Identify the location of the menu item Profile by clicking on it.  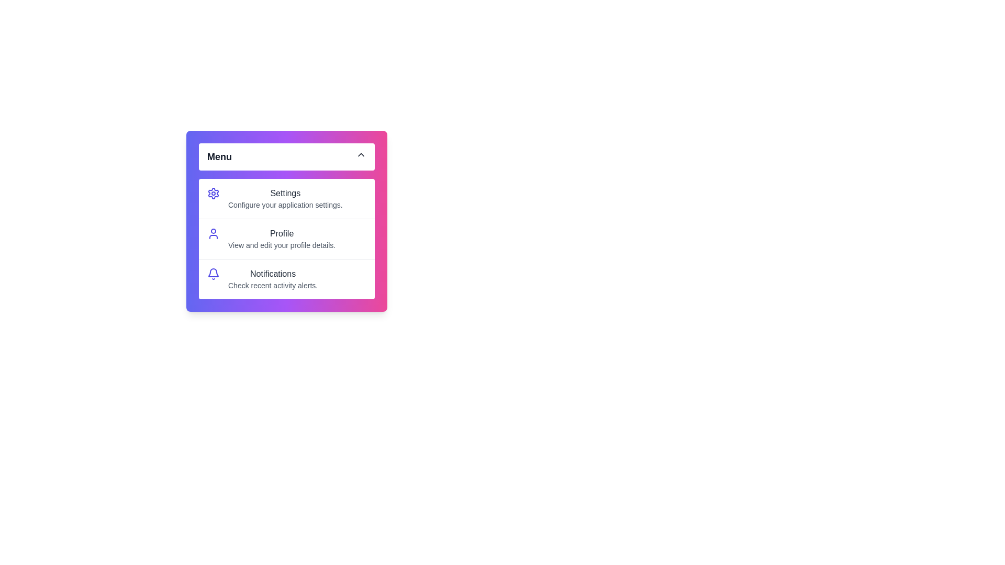
(286, 239).